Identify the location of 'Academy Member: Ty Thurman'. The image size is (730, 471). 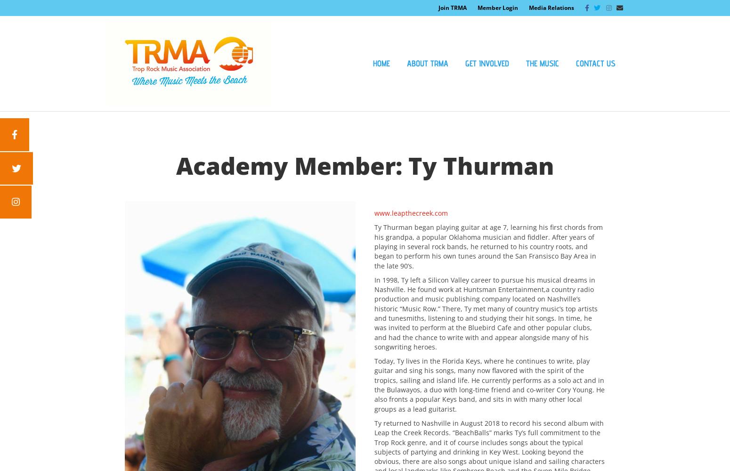
(365, 165).